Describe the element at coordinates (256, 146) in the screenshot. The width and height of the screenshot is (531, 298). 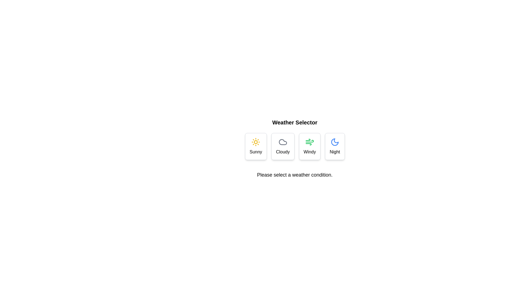
I see `the 'Sunny' weather condition selection button, which is the first card in the weather condition group located beneath the 'Weather Selector' title` at that location.